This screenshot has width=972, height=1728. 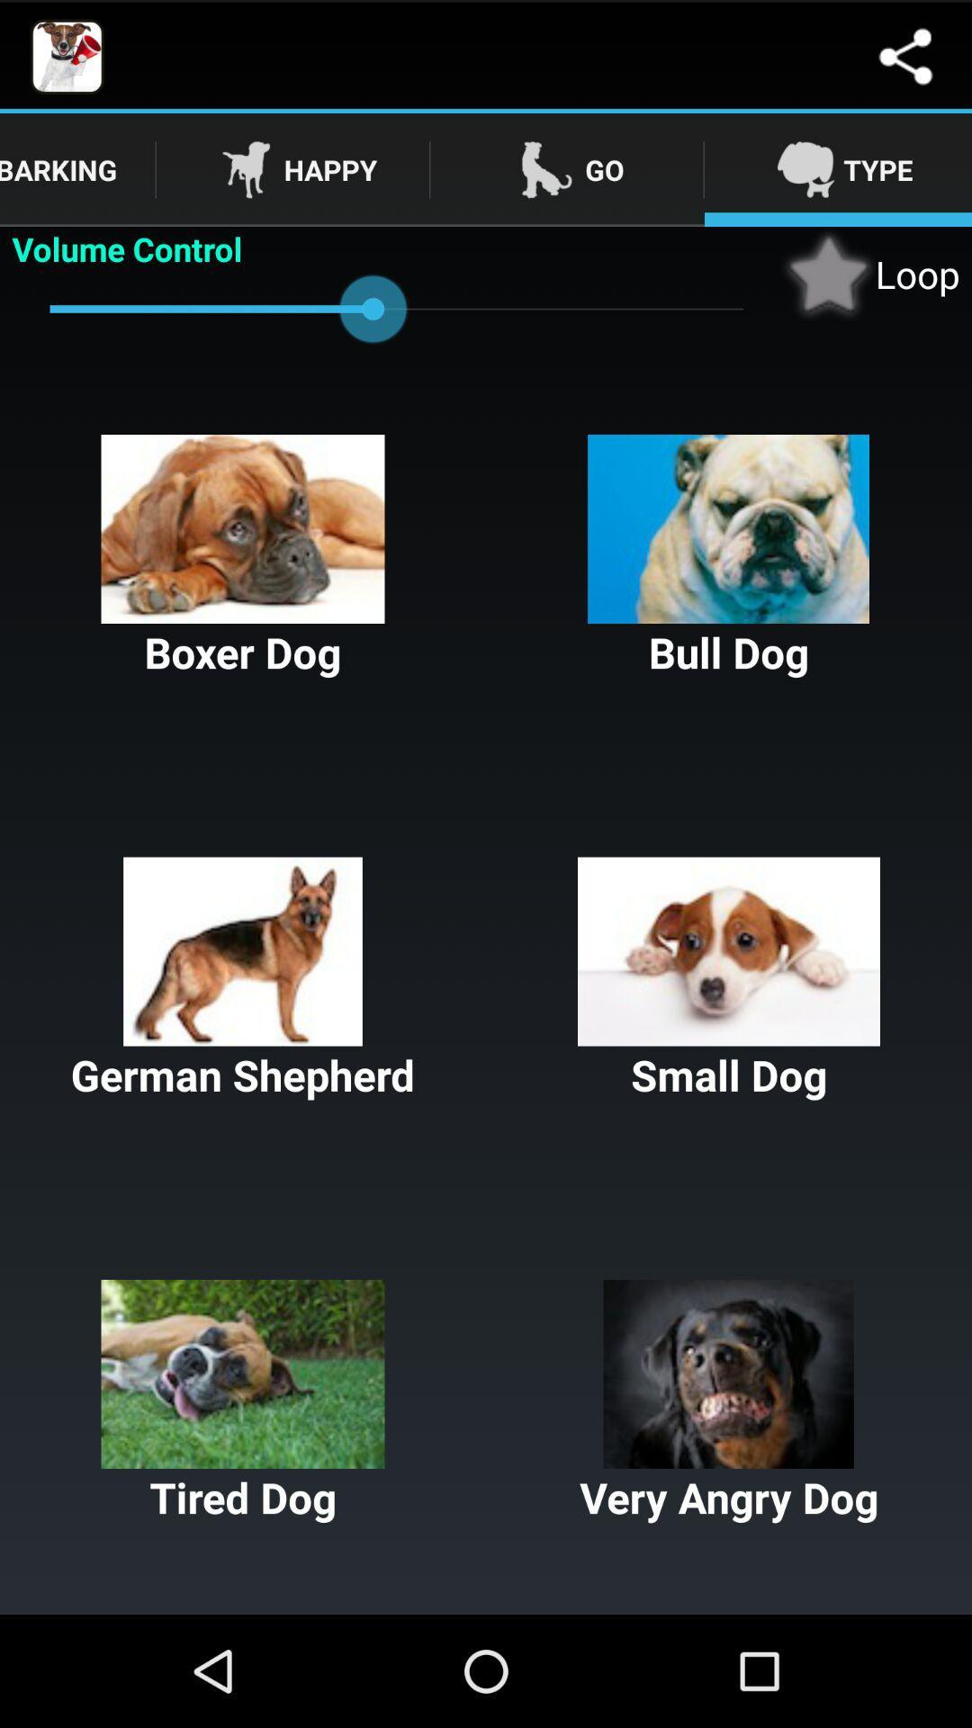 What do you see at coordinates (243, 1401) in the screenshot?
I see `the button below german shepherd icon` at bounding box center [243, 1401].